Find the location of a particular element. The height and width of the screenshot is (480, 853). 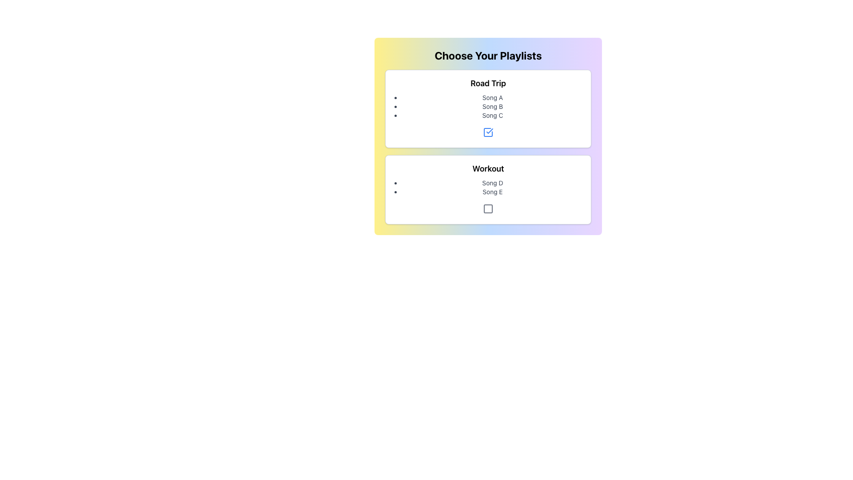

the checkbox within the 'Road Trip' playlist section located at the upper part of the main layout is located at coordinates (488, 108).